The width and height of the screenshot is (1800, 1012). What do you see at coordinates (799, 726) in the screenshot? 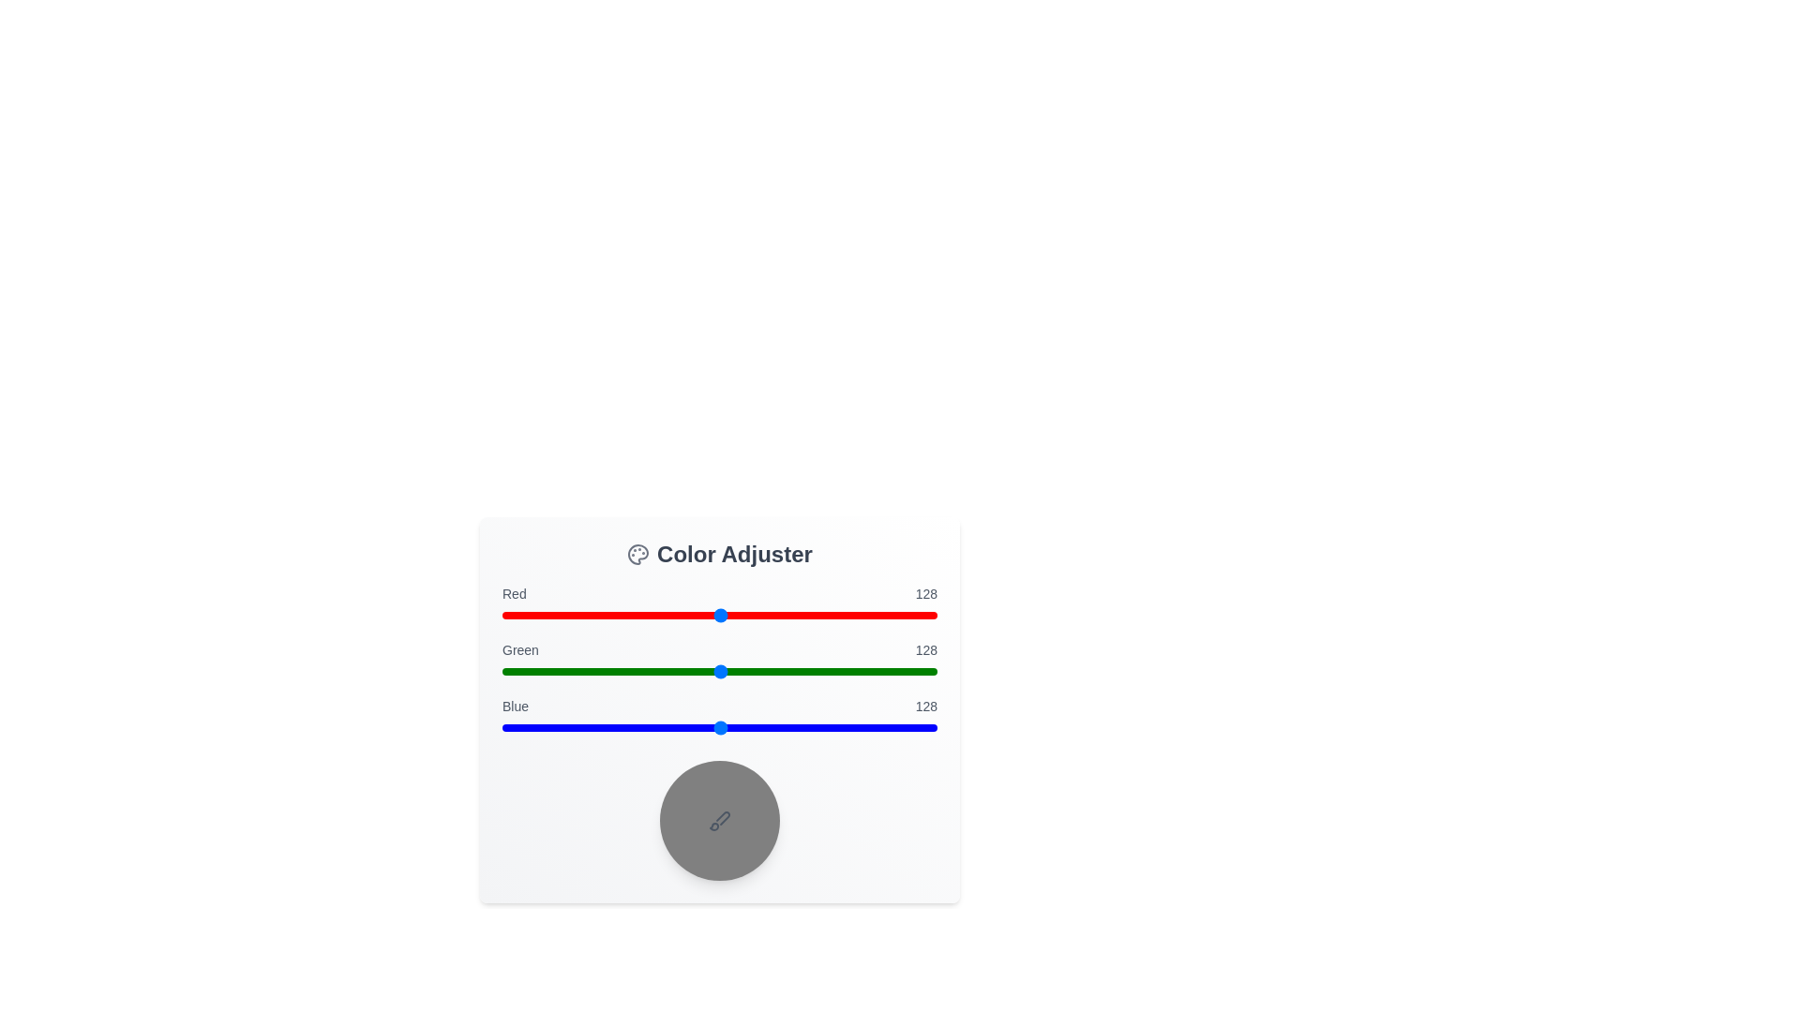
I see `the blue slider to set its value to 174` at bounding box center [799, 726].